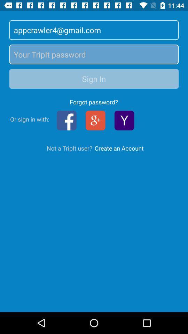  What do you see at coordinates (66, 120) in the screenshot?
I see `the facebook icon` at bounding box center [66, 120].